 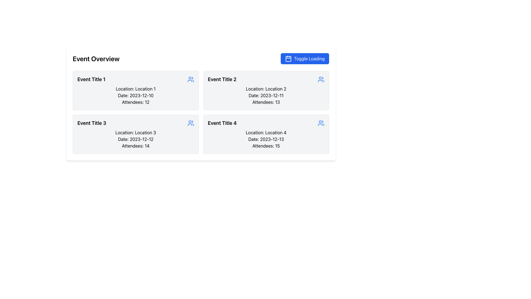 What do you see at coordinates (266, 146) in the screenshot?
I see `the Static Text that displays 'Attendees: 15', which is located in a light gray, bordered, rounded rectangle containing event details for 'Event Title 4'` at bounding box center [266, 146].